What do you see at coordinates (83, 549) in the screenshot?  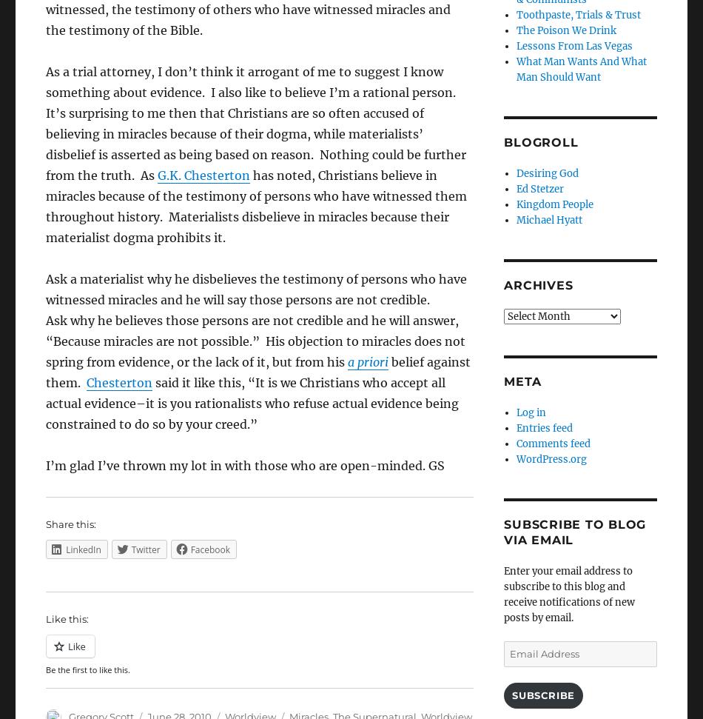 I see `'LinkedIn'` at bounding box center [83, 549].